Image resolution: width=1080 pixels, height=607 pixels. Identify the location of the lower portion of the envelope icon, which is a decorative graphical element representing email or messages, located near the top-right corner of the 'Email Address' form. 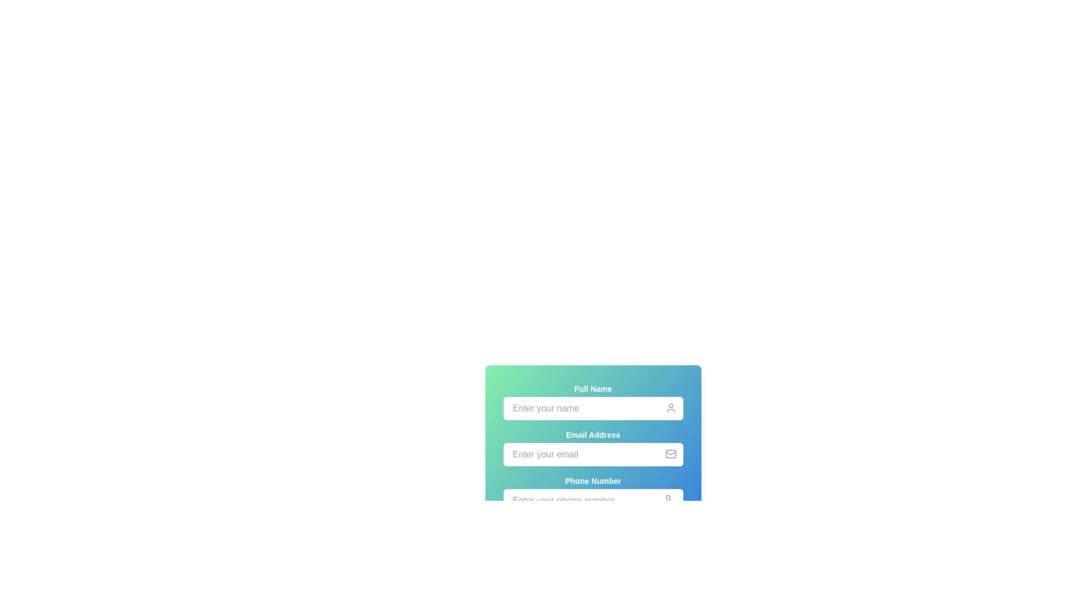
(670, 452).